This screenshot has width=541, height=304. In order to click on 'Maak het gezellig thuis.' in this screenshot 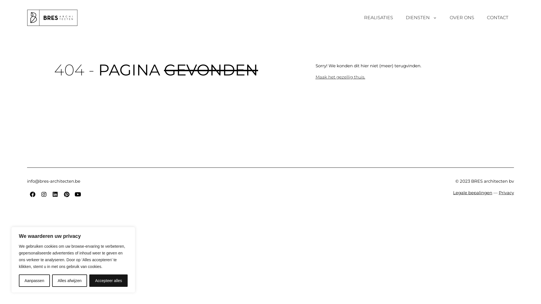, I will do `click(340, 77)`.